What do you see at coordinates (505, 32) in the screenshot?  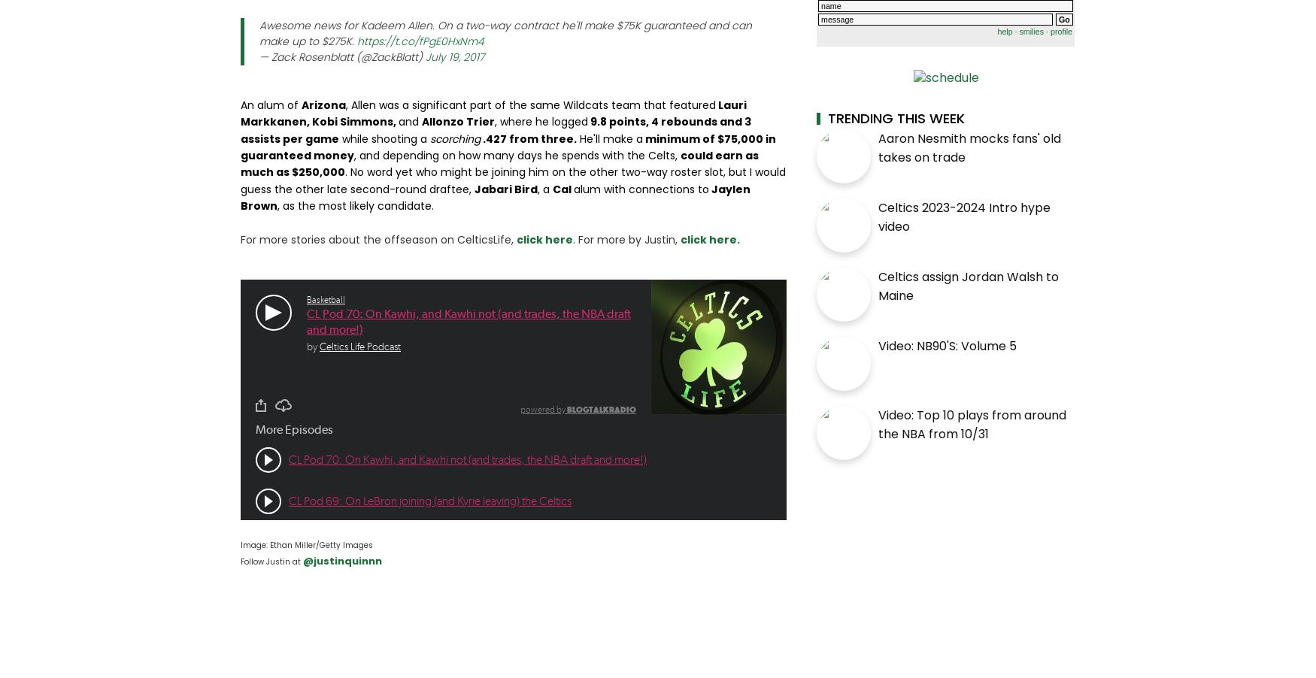 I see `'Awesome news for Kadeem Allen. On a two-way contract he'll make $75K guaranteed and can make up to $275K.'` at bounding box center [505, 32].